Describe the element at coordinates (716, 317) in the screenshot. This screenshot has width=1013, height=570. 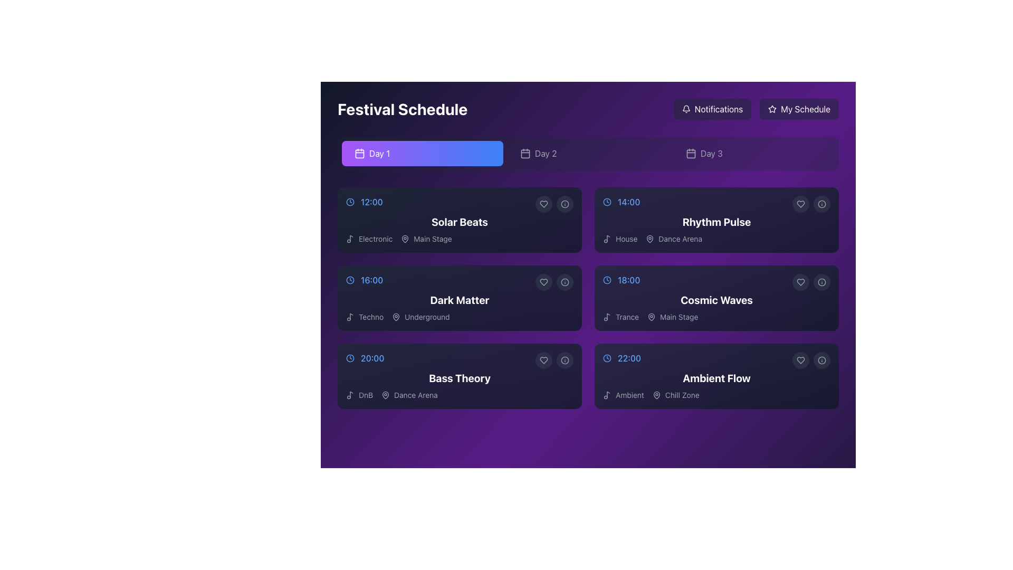
I see `metadata labels that indicate the genre 'Trance' and the stage 'Main Stage' located at the bottom of the 'Cosmic Waves' card in the schedule interface` at that location.